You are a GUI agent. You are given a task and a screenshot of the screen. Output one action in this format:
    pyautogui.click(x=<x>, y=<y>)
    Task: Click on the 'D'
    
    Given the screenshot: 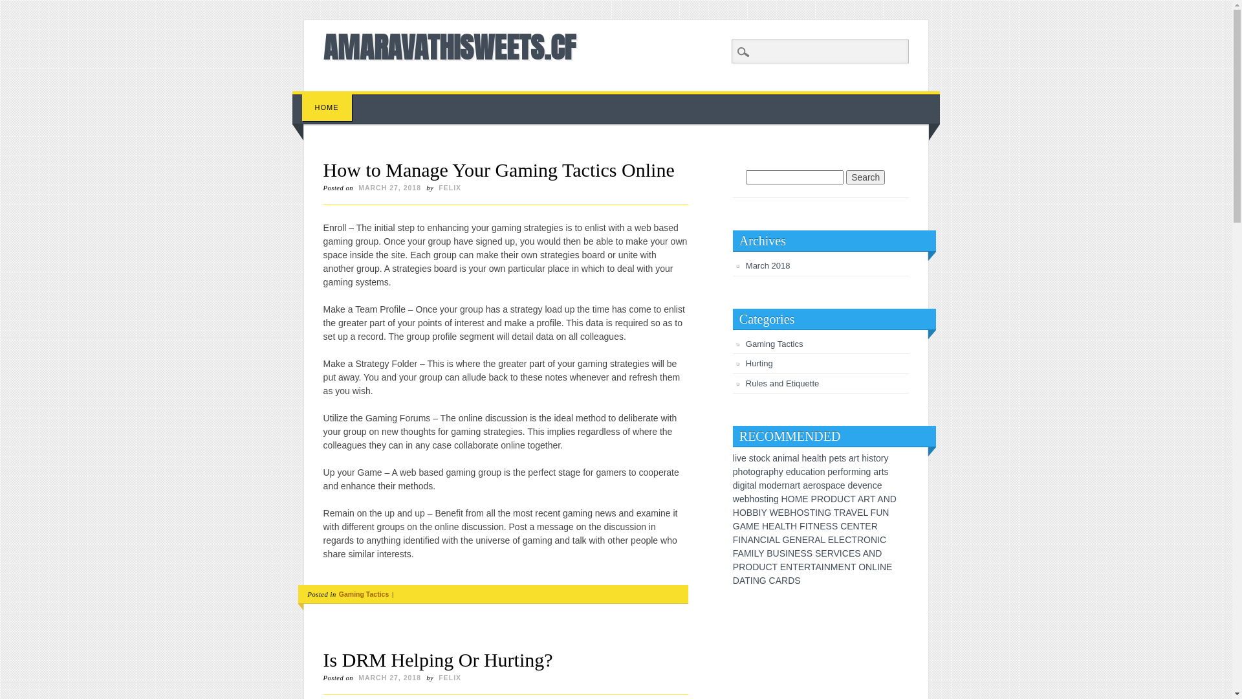 What is the action you would take?
    pyautogui.click(x=755, y=566)
    